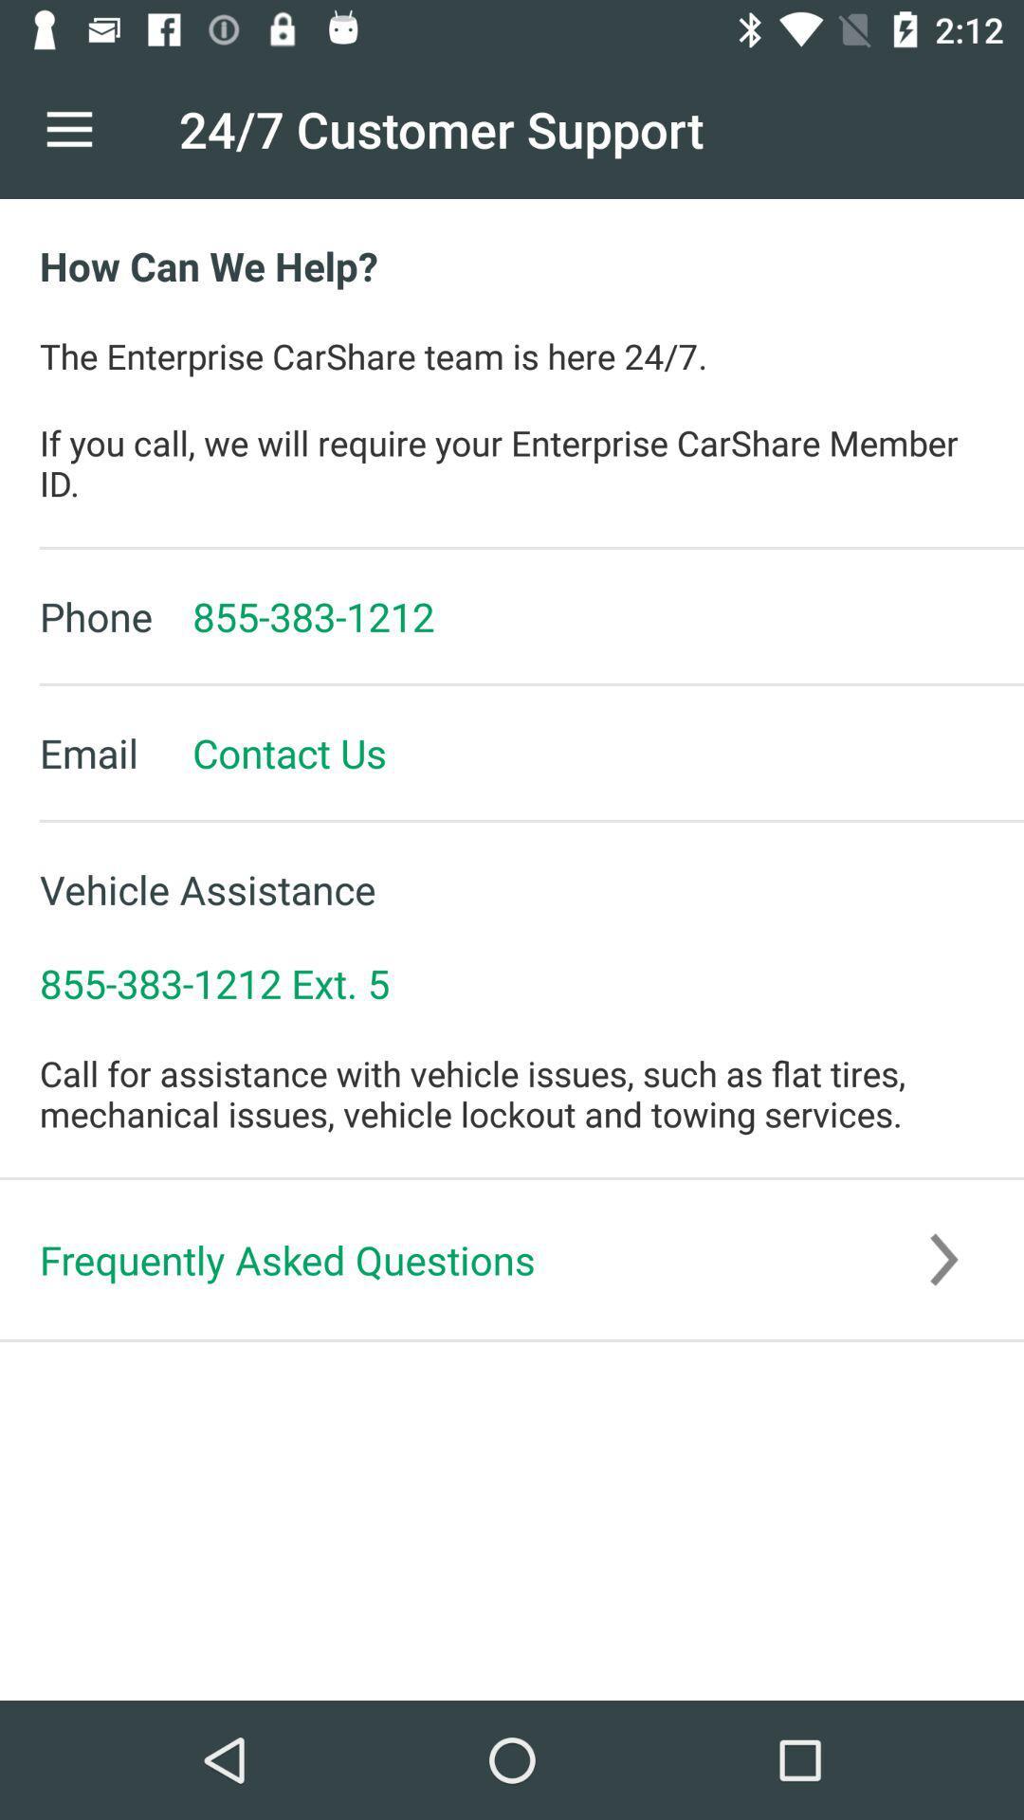 Image resolution: width=1024 pixels, height=1820 pixels. I want to click on contact us item, so click(269, 752).